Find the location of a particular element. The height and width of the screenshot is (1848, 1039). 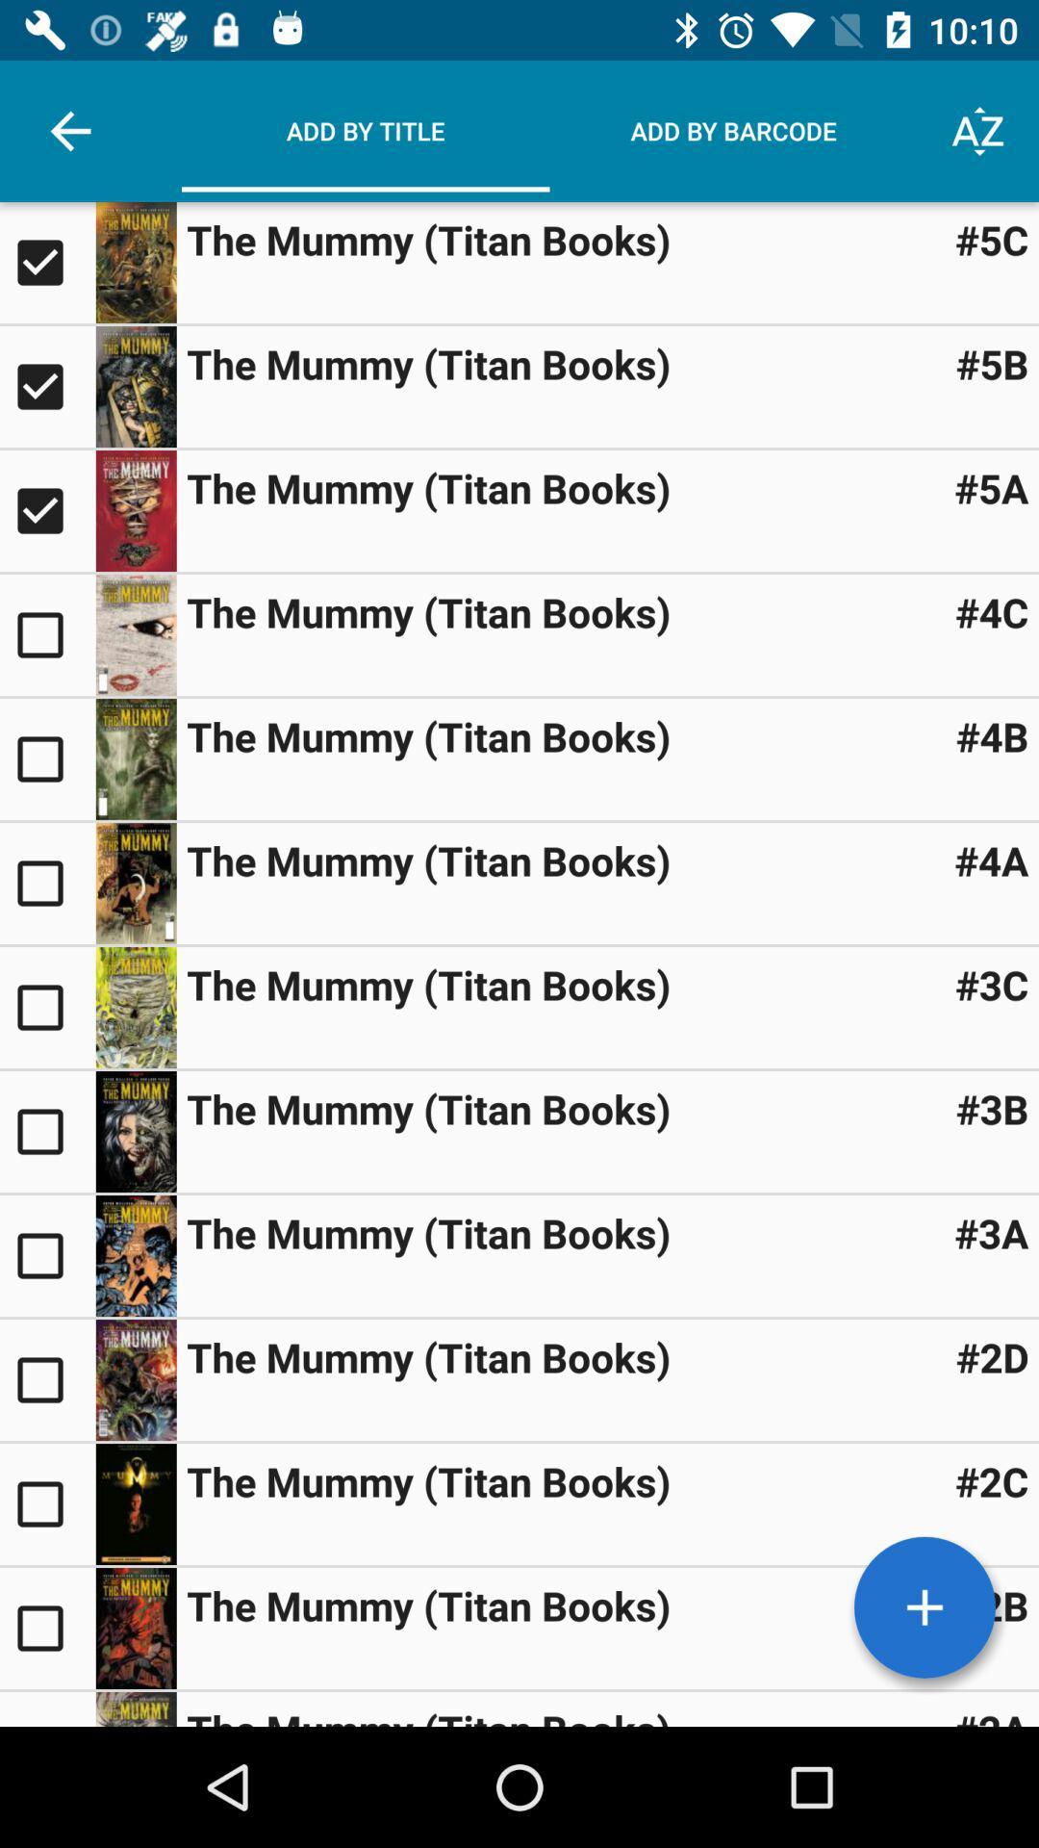

the icon above the #4a item is located at coordinates (992, 734).